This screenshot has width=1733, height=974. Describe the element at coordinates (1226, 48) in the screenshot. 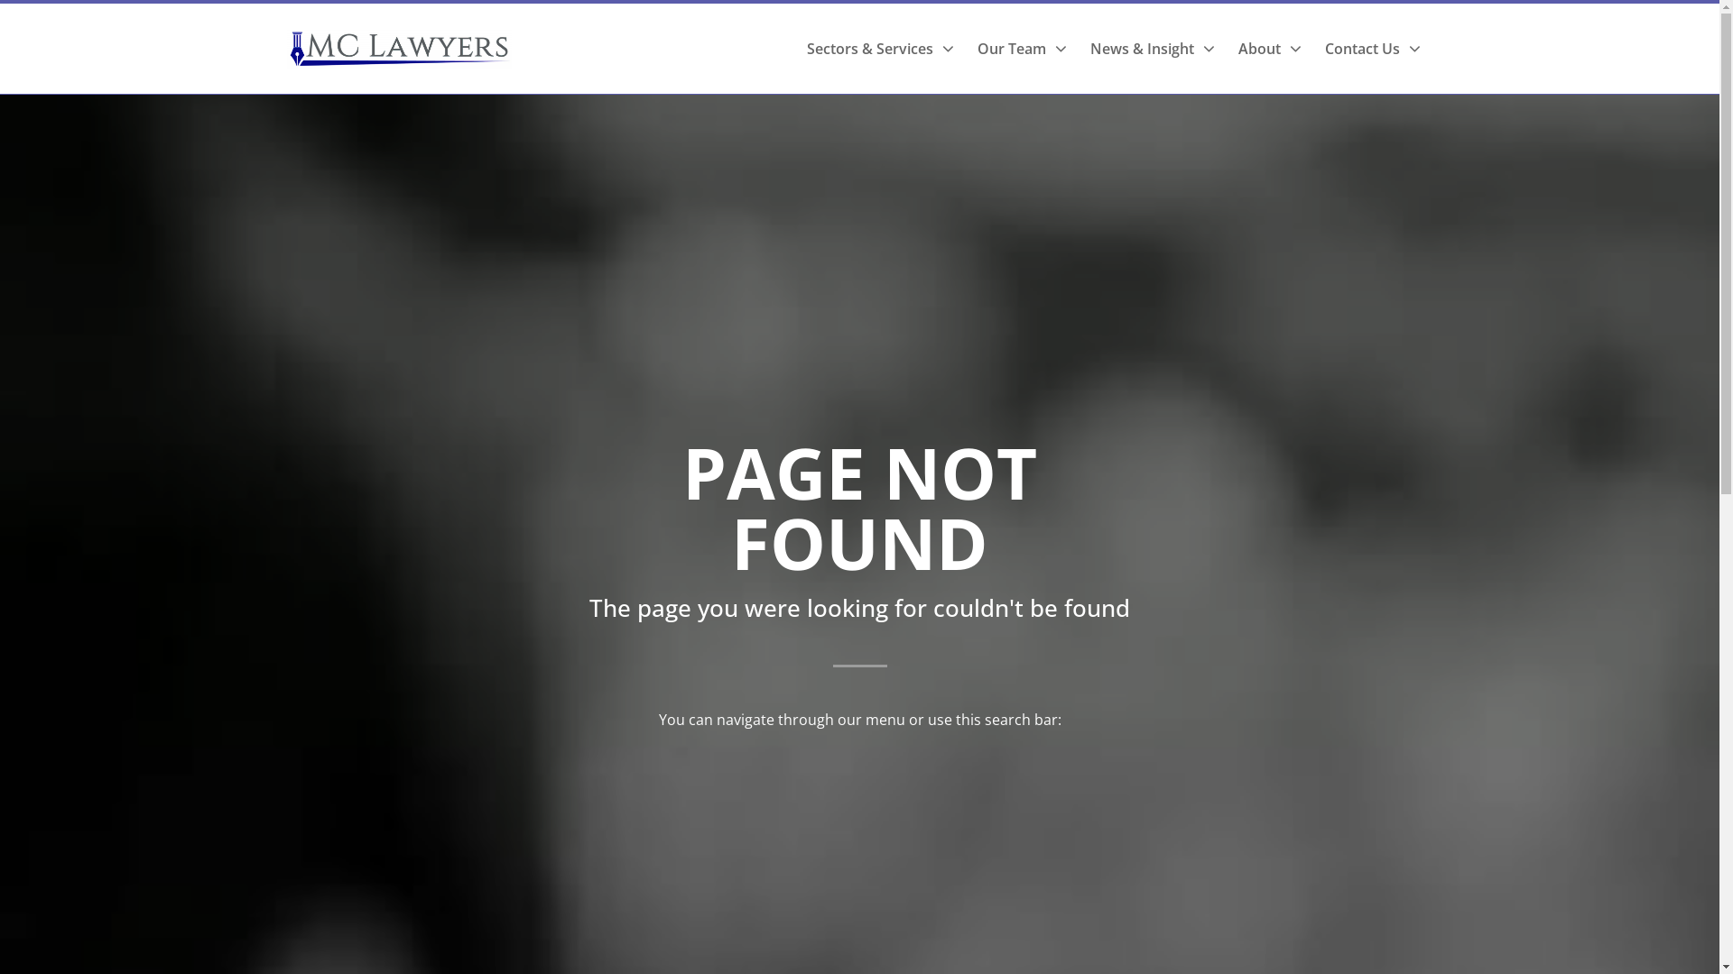

I see `'About'` at that location.